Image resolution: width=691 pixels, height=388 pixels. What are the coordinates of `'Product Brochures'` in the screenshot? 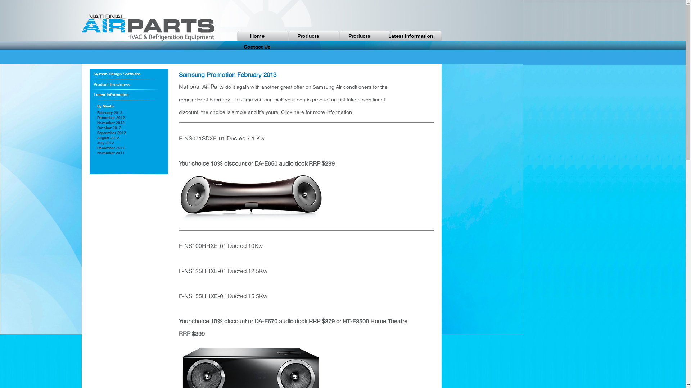 It's located at (129, 84).